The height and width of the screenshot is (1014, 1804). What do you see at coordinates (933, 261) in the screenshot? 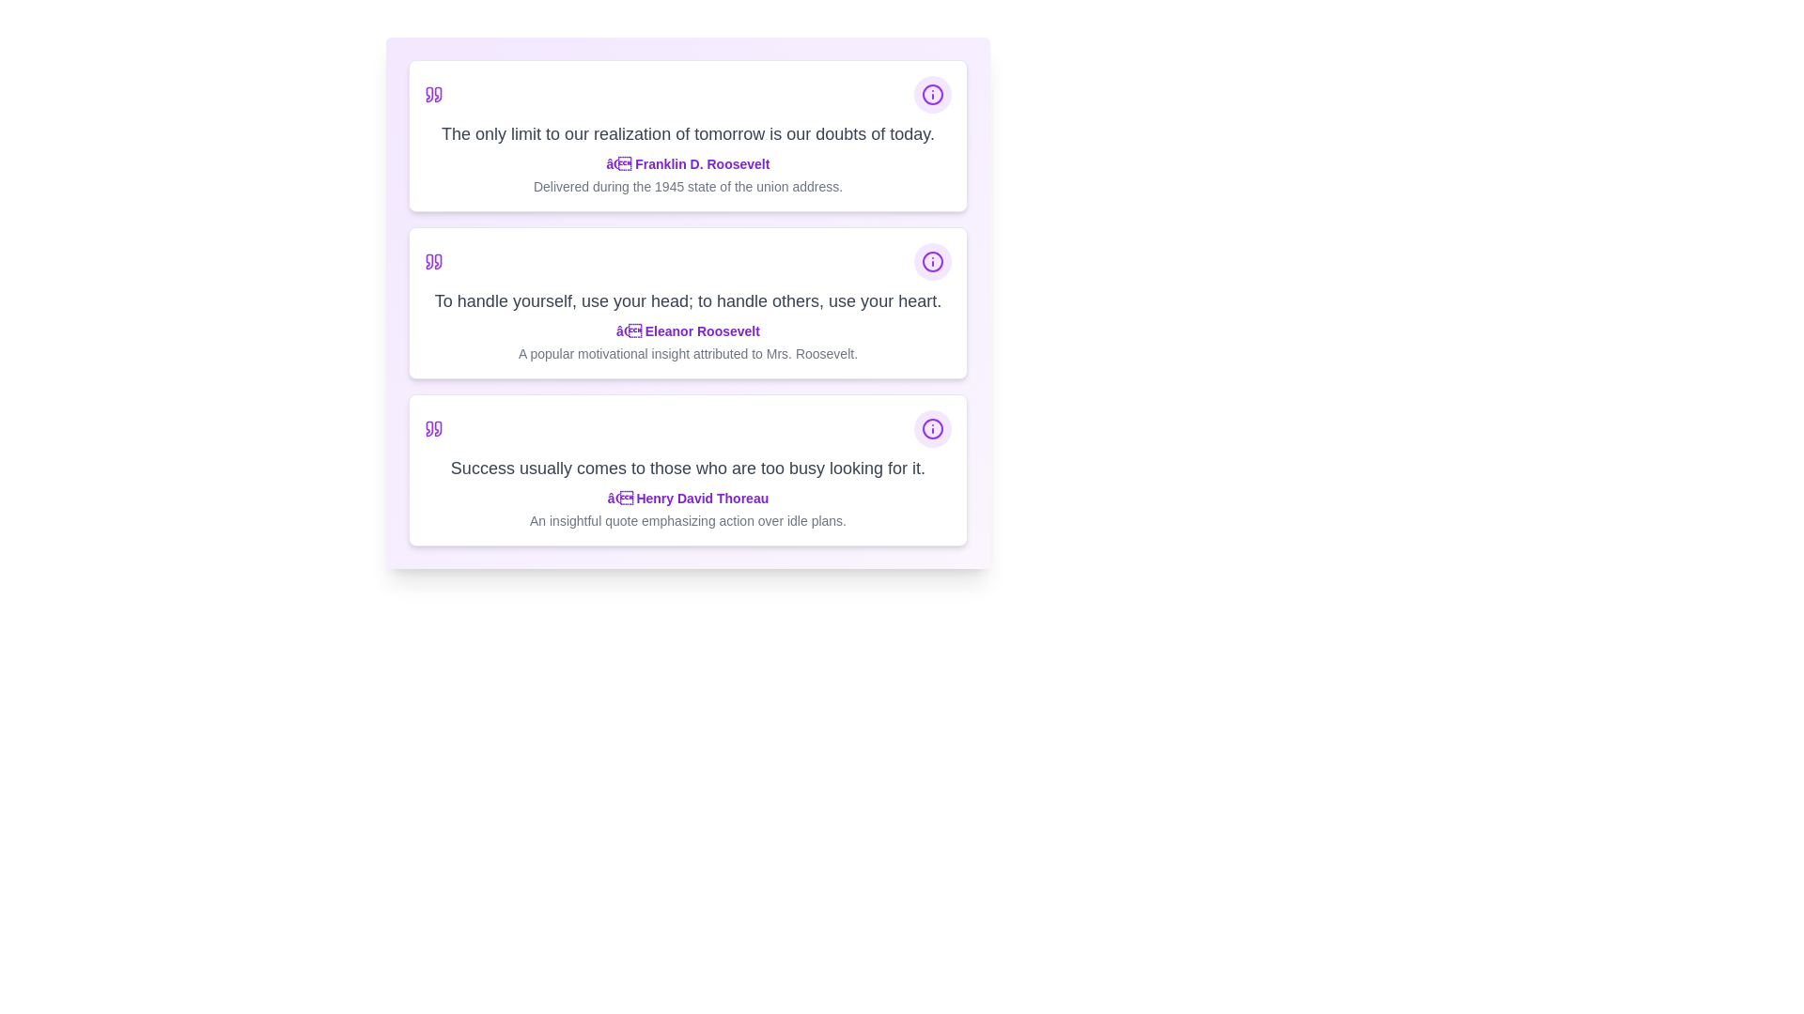
I see `the circular purple icon with an 'i' symbol located in the upper right corner of the purple-bordered card displaying the quote by Franklin D. Roosevelt for accessibility navigation` at bounding box center [933, 261].